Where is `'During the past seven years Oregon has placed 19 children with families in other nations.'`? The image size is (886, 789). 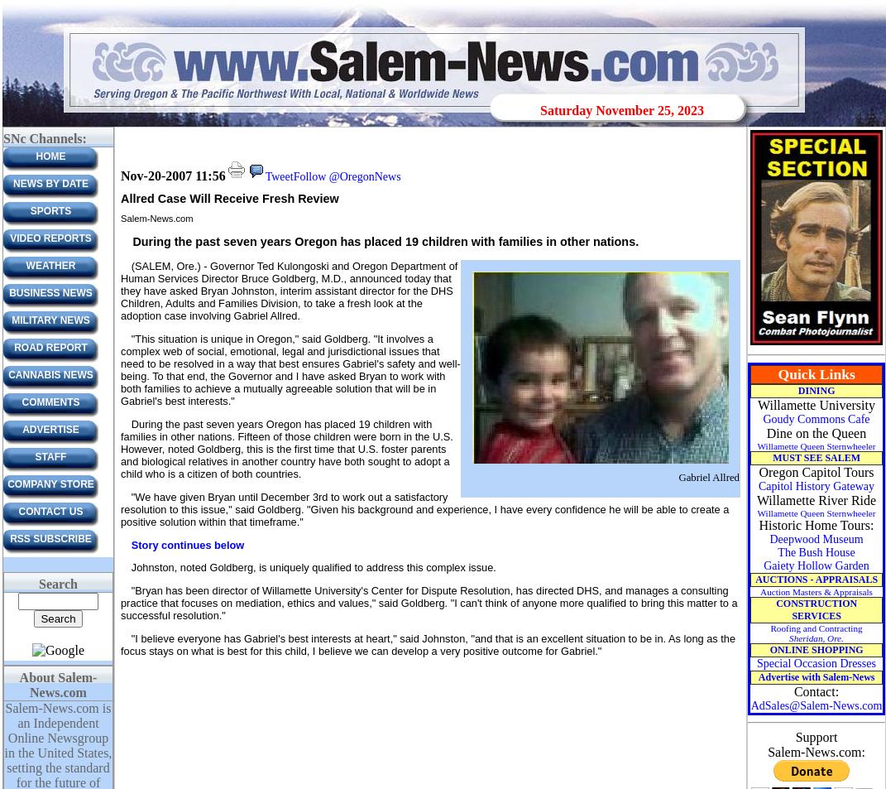 'During the past seven years Oregon has placed 19 children with families in other nations.' is located at coordinates (384, 240).